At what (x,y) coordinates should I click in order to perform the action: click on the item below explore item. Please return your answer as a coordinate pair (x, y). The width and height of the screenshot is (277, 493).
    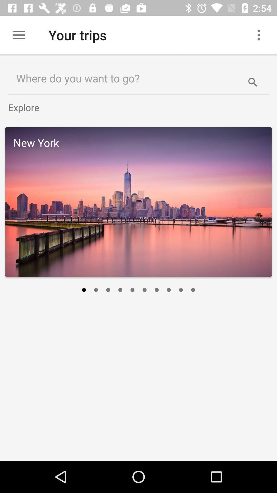
    Looking at the image, I should click on (138, 202).